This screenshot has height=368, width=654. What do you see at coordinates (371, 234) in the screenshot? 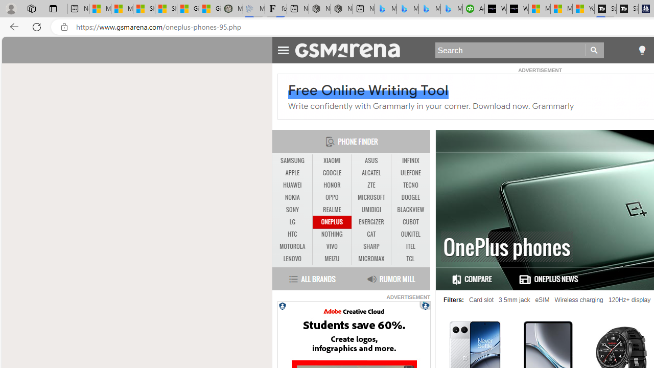
I see `'CAT'` at bounding box center [371, 234].